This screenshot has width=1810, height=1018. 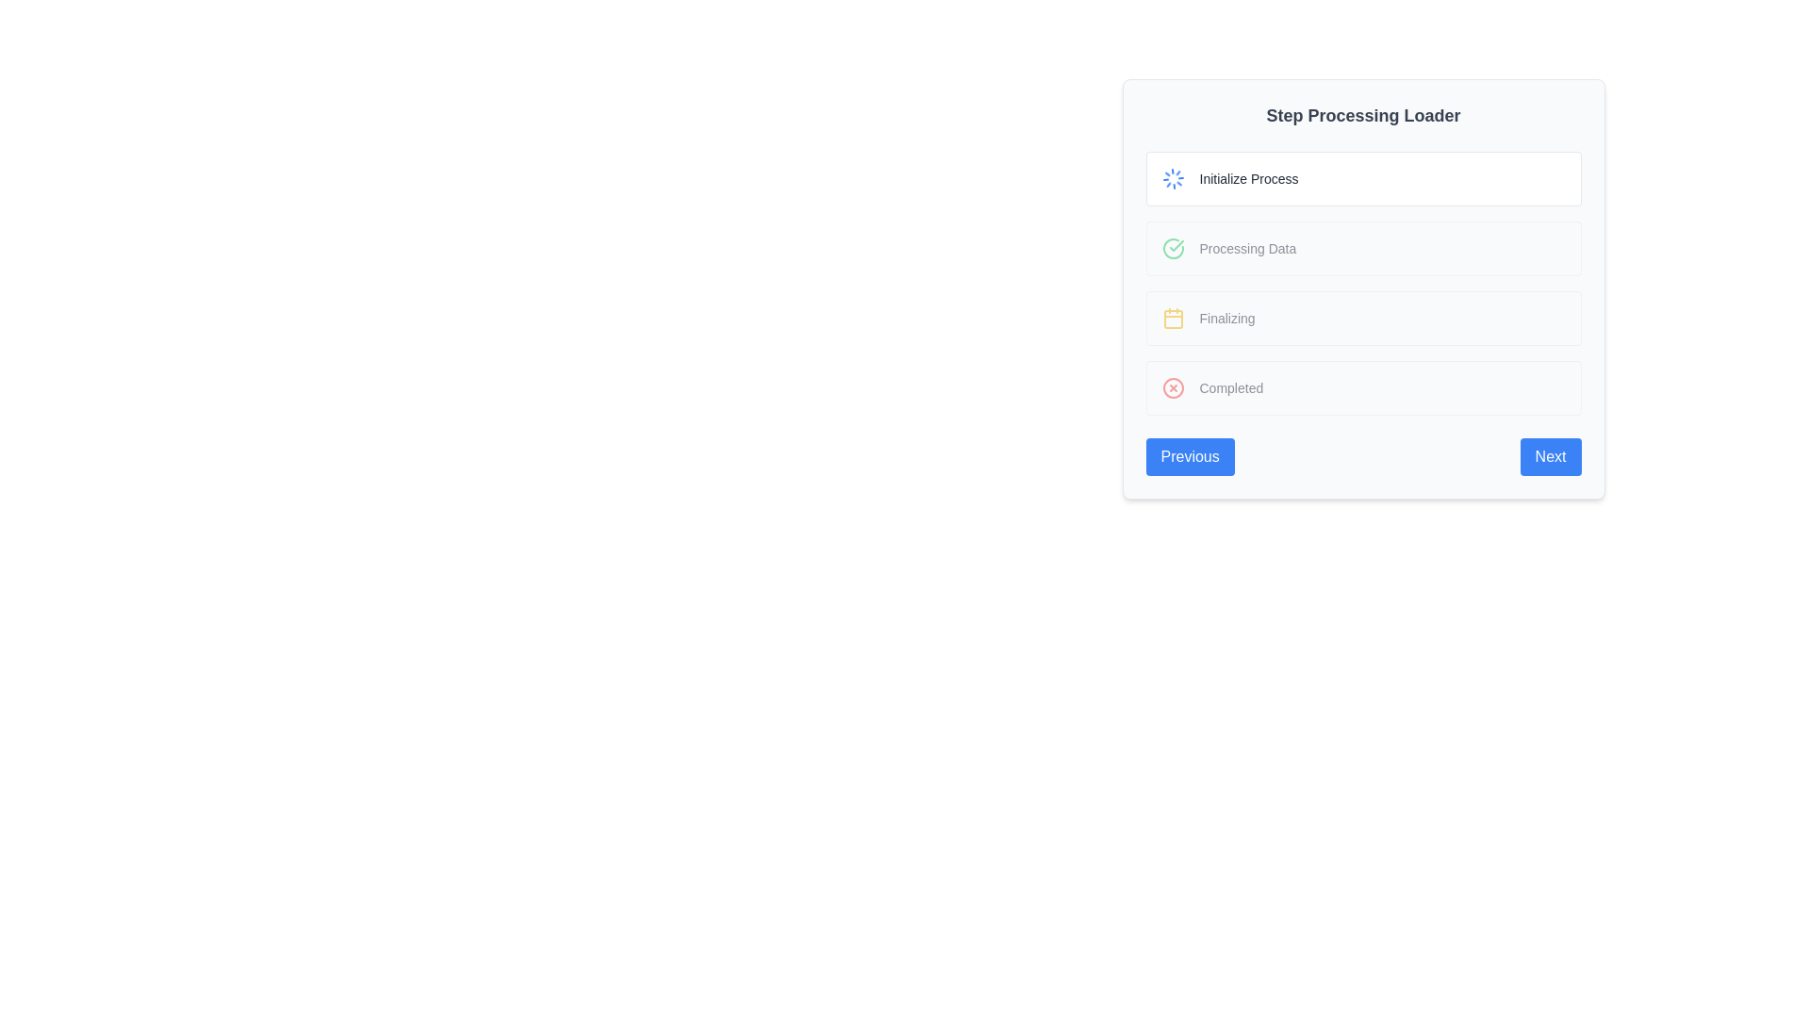 What do you see at coordinates (1363, 457) in the screenshot?
I see `the Previous button located in the navigation group at the bottom of the interface, which allows users to move to the previous step` at bounding box center [1363, 457].